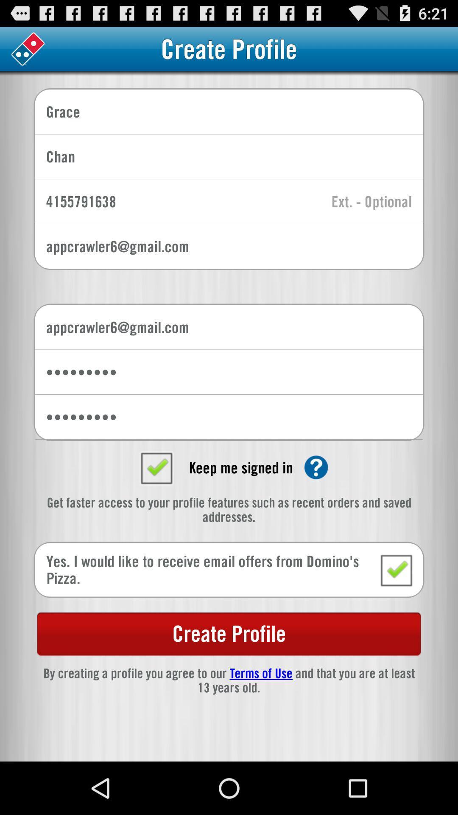 This screenshot has width=458, height=815. What do you see at coordinates (316, 467) in the screenshot?
I see `click here for help` at bounding box center [316, 467].